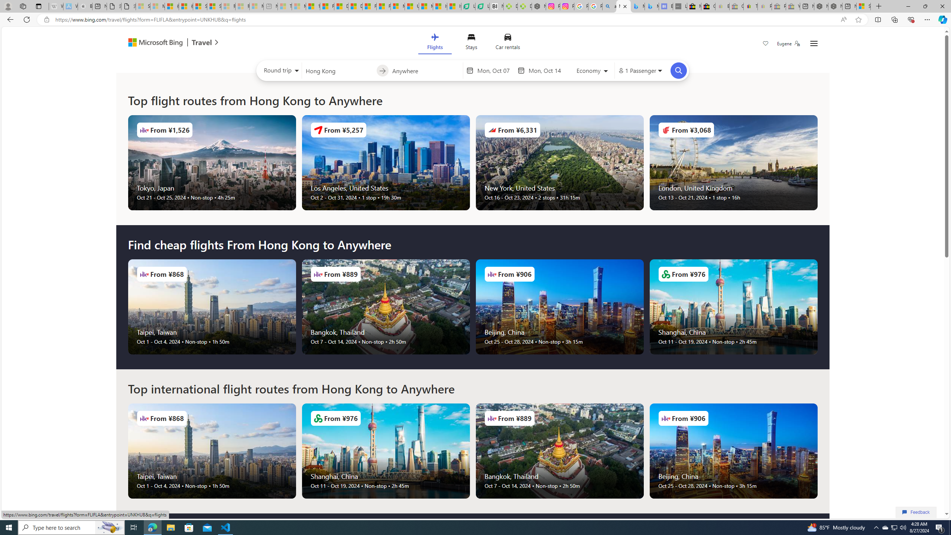 The image size is (951, 535). I want to click on 'Going to?', so click(425, 70).